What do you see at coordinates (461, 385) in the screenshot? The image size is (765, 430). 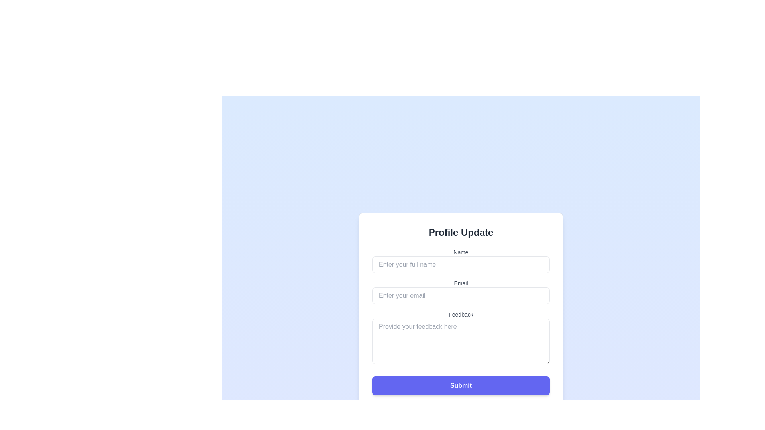 I see `the 'Submit' button with a purple background, located at the bottom of the 'Profile Update' form, to see the focus ring` at bounding box center [461, 385].